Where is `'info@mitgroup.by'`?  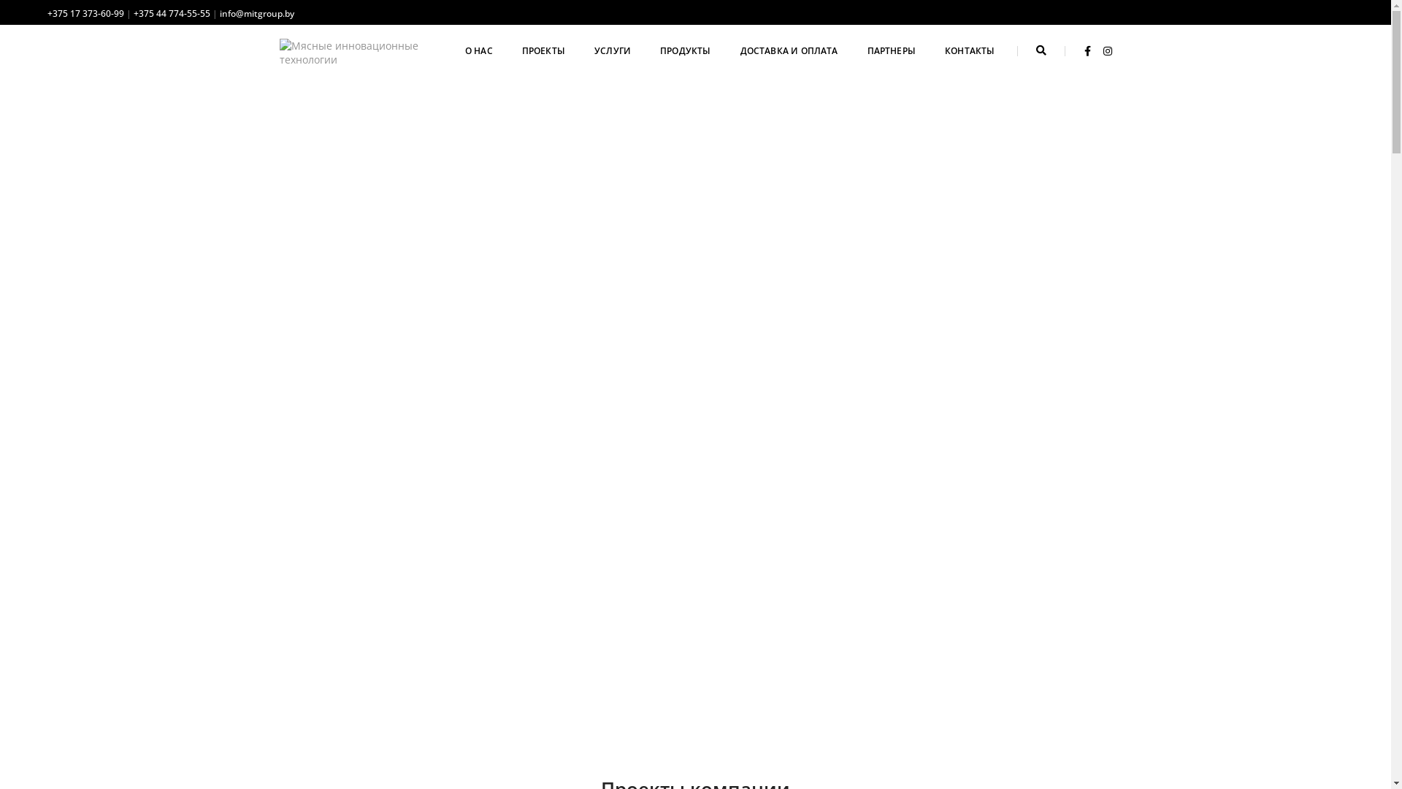
'info@mitgroup.by' is located at coordinates (219, 13).